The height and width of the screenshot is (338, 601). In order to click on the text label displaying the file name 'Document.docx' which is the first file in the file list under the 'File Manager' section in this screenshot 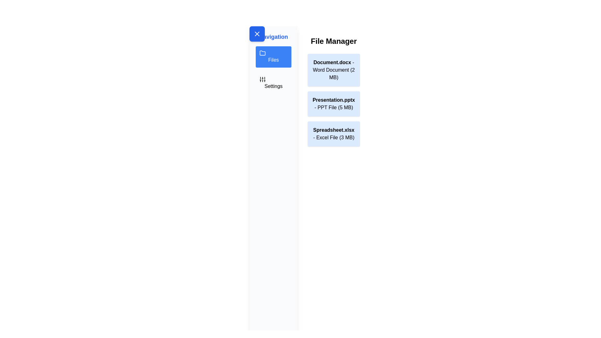, I will do `click(332, 62)`.